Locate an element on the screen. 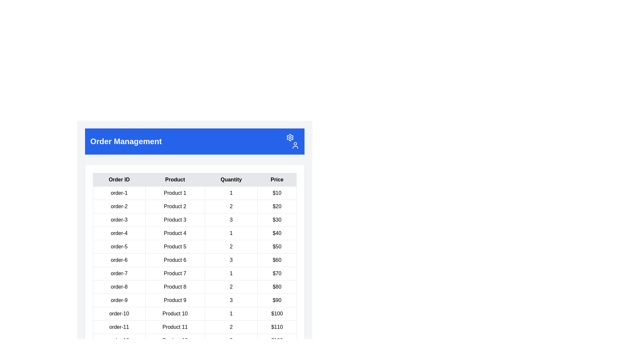  the table row displaying the order ID 'order-9', which contains the product name 'Product 9', quantity '3', and price '$90' is located at coordinates (194, 300).